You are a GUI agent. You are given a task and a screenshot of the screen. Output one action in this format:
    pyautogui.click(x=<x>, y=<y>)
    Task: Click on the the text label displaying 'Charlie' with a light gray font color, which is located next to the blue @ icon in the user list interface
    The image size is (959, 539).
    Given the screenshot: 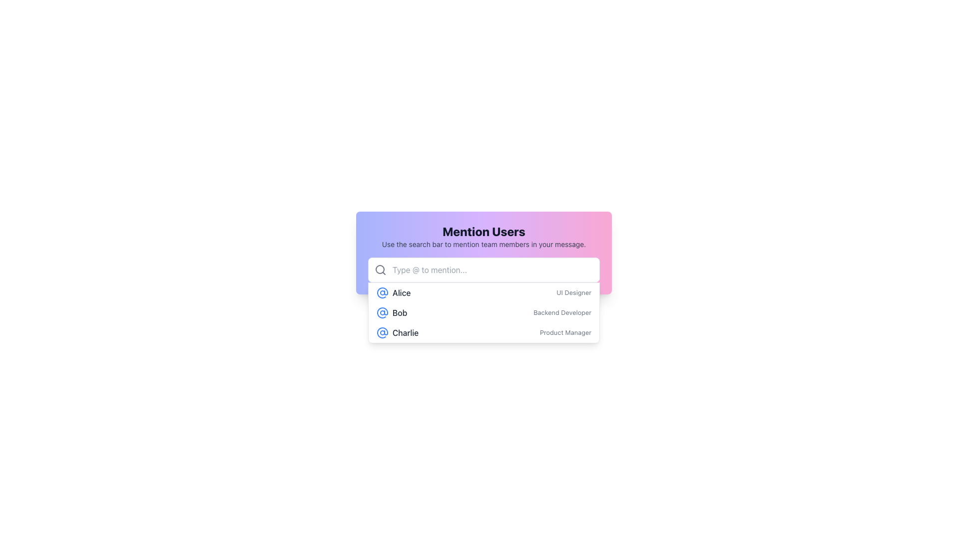 What is the action you would take?
    pyautogui.click(x=397, y=333)
    